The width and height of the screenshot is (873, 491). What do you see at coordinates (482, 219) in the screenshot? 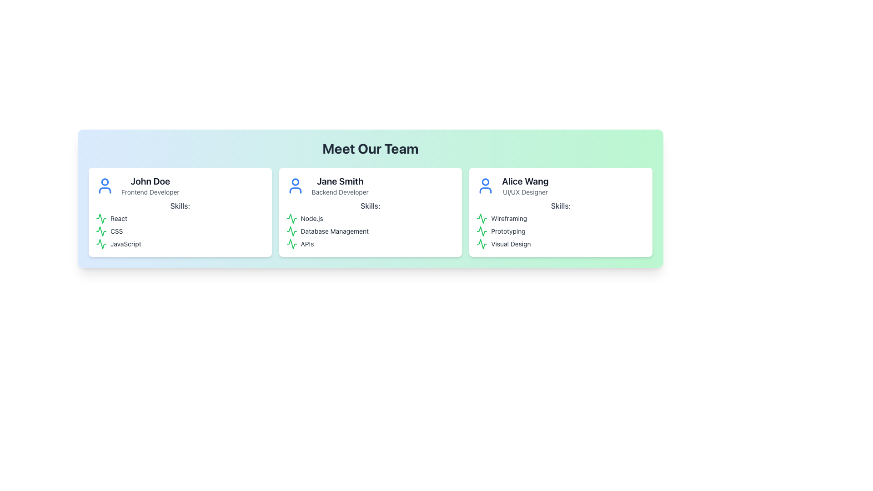
I see `the 'Wireframing' skill icon located in the 'Skills' section of Alice Wang's profile card, which is the first item in the skills list` at bounding box center [482, 219].